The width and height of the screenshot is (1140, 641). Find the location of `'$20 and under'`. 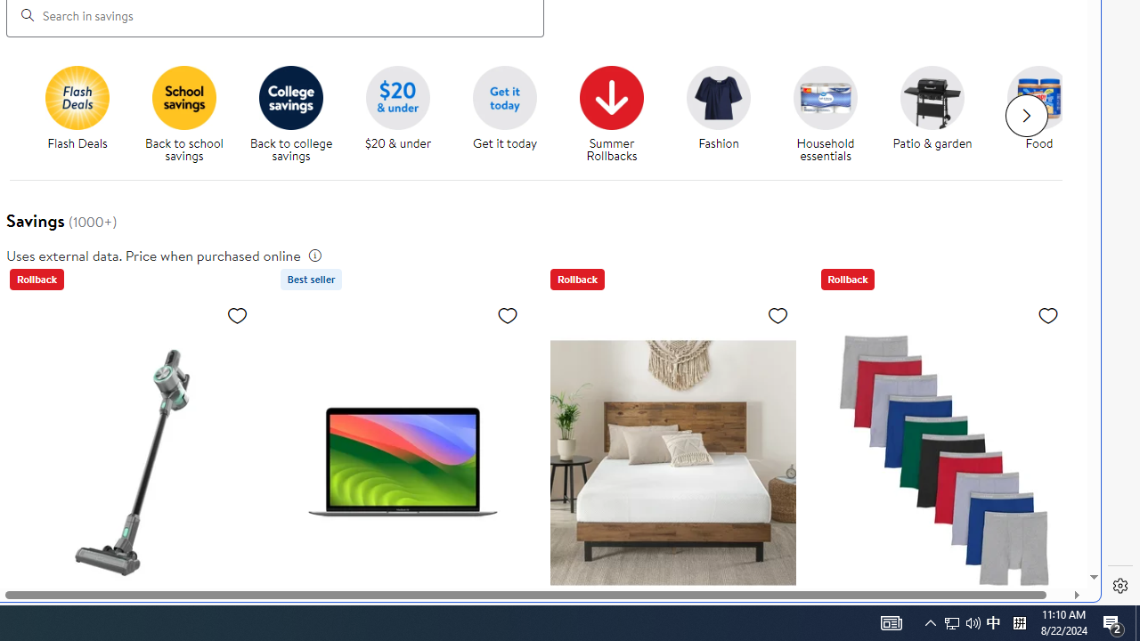

'$20 and under' is located at coordinates (396, 97).